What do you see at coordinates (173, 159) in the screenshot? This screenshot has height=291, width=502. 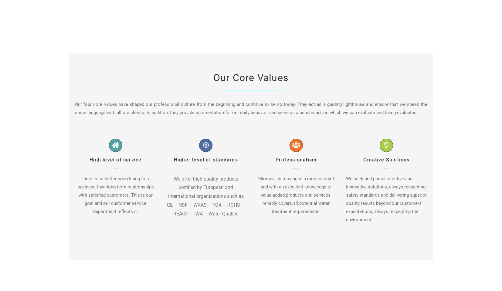 I see `'Higher level of standards'` at bounding box center [173, 159].